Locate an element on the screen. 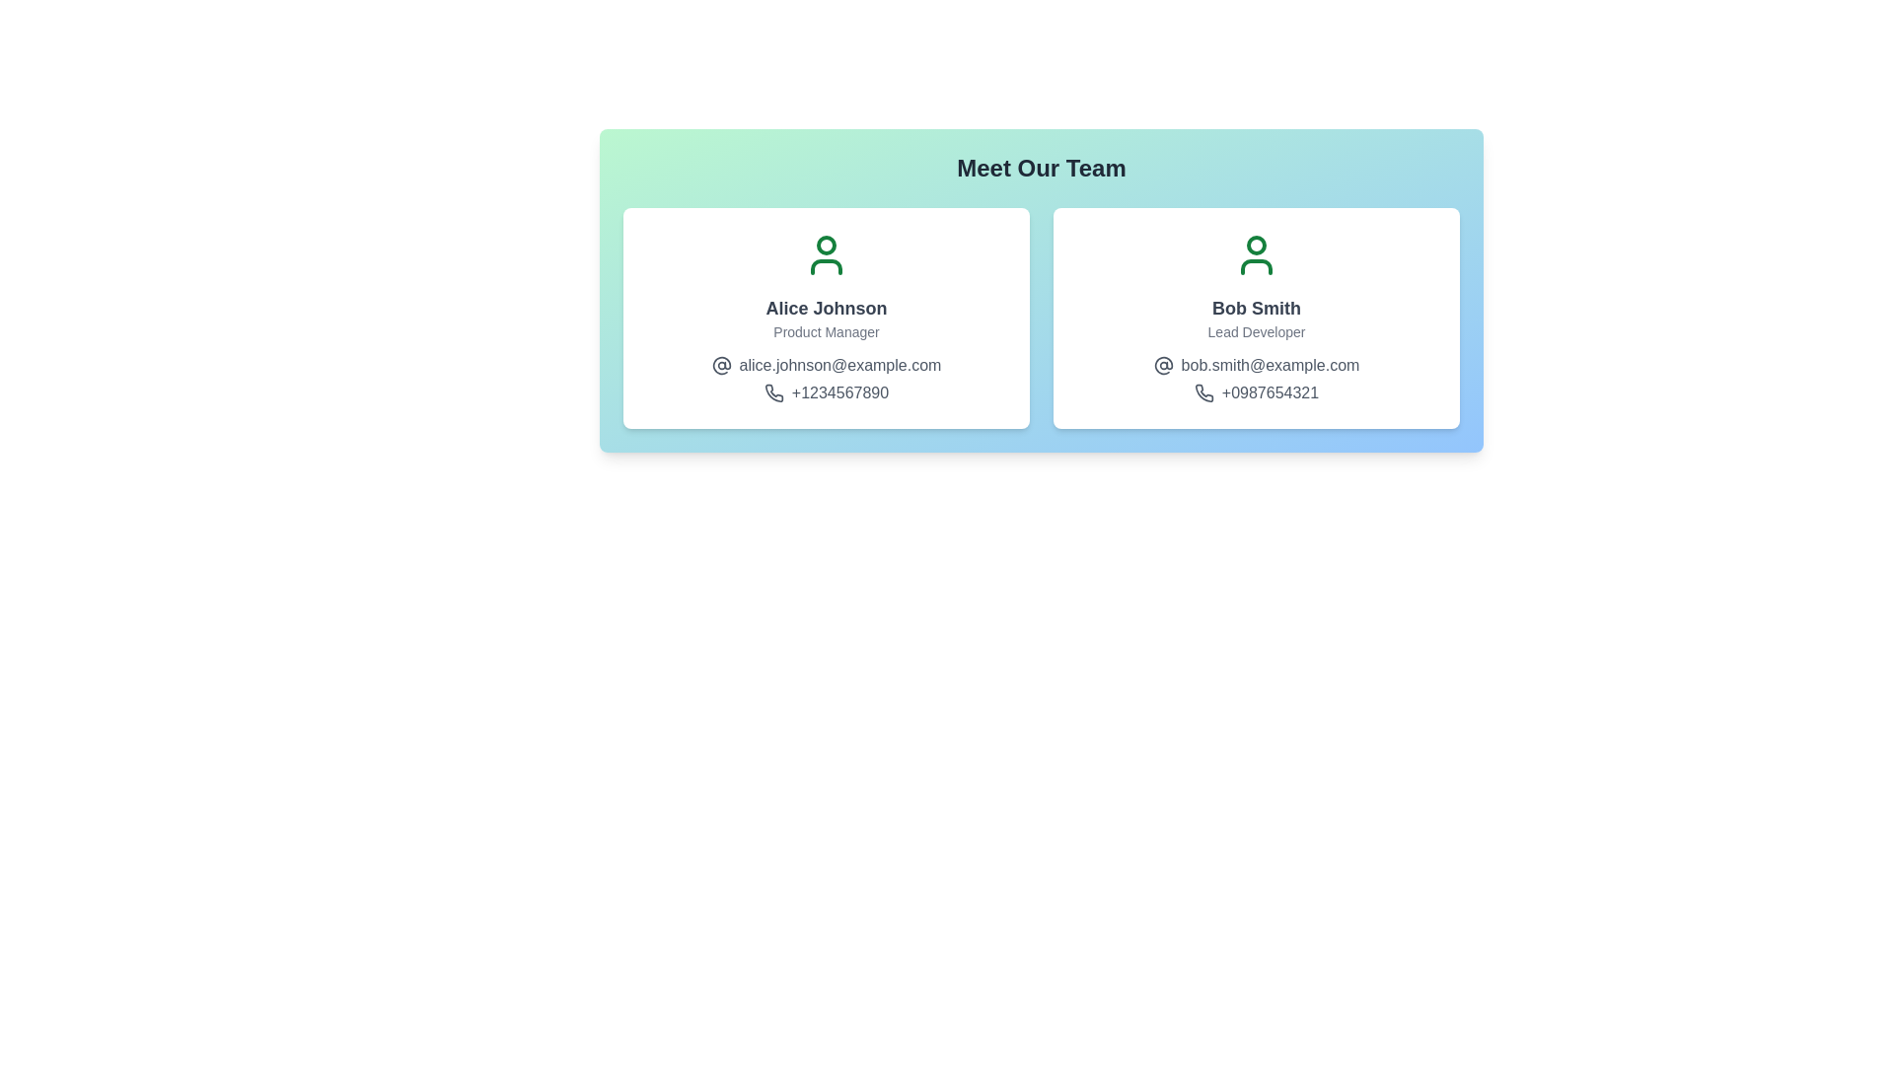  the telephone icon located within the profile card labeled 'Bob Smith' is located at coordinates (1202, 392).